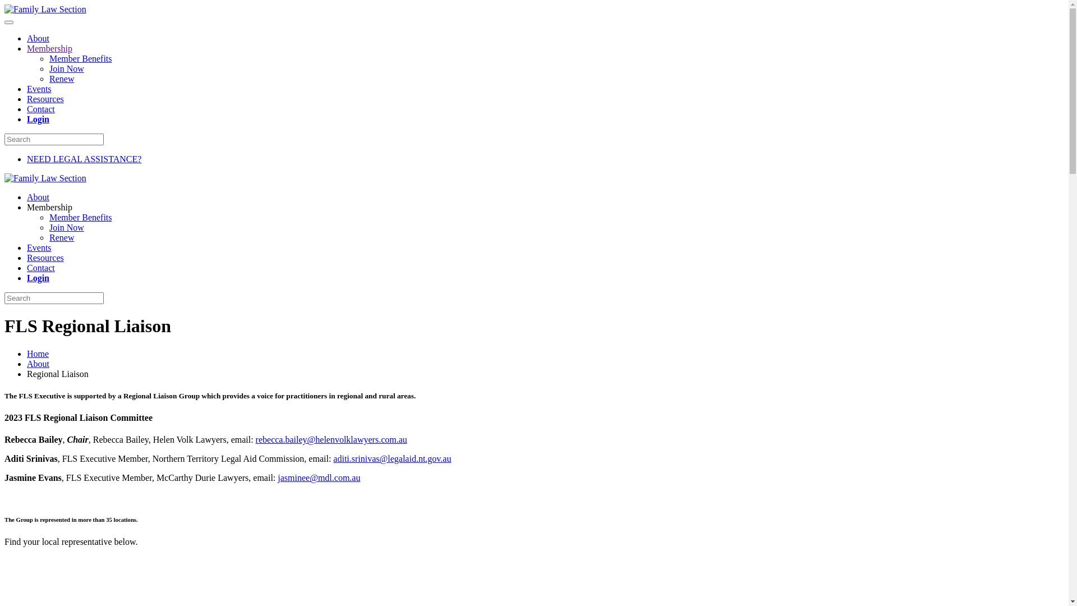 This screenshot has height=606, width=1077. What do you see at coordinates (66, 68) in the screenshot?
I see `'Join Now'` at bounding box center [66, 68].